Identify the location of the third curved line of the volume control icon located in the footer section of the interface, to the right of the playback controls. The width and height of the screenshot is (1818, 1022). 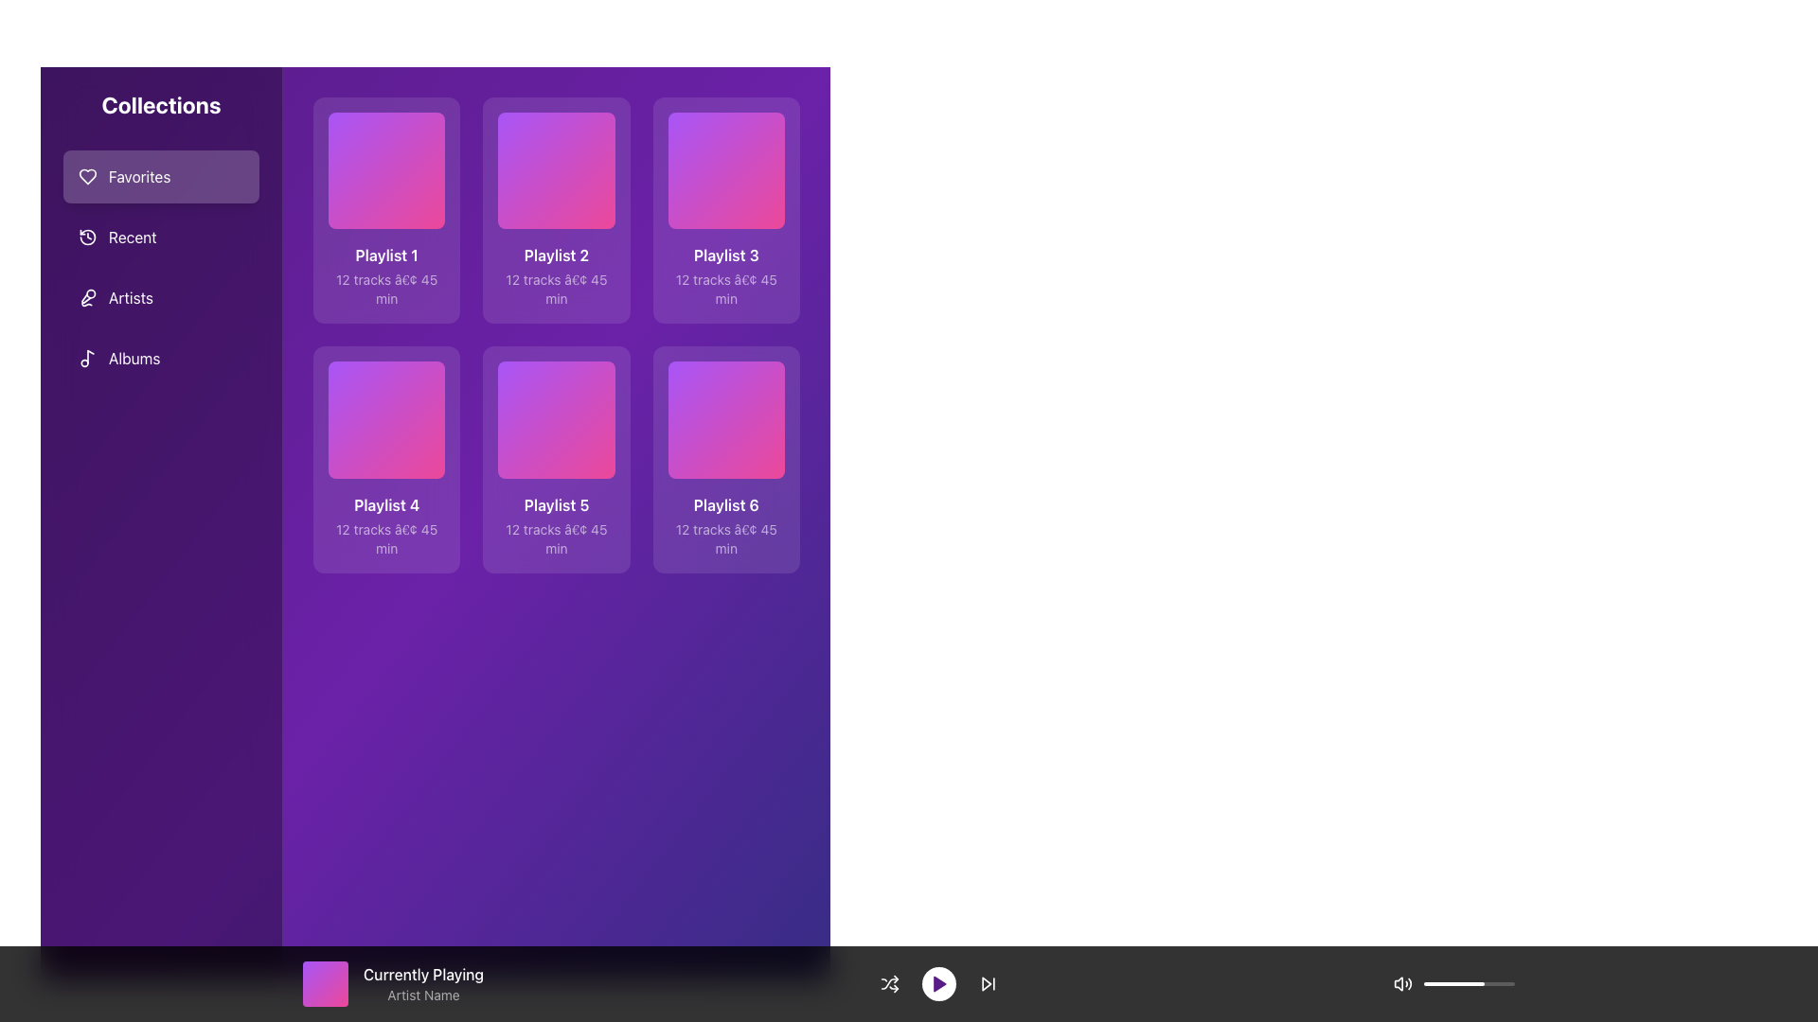
(1410, 983).